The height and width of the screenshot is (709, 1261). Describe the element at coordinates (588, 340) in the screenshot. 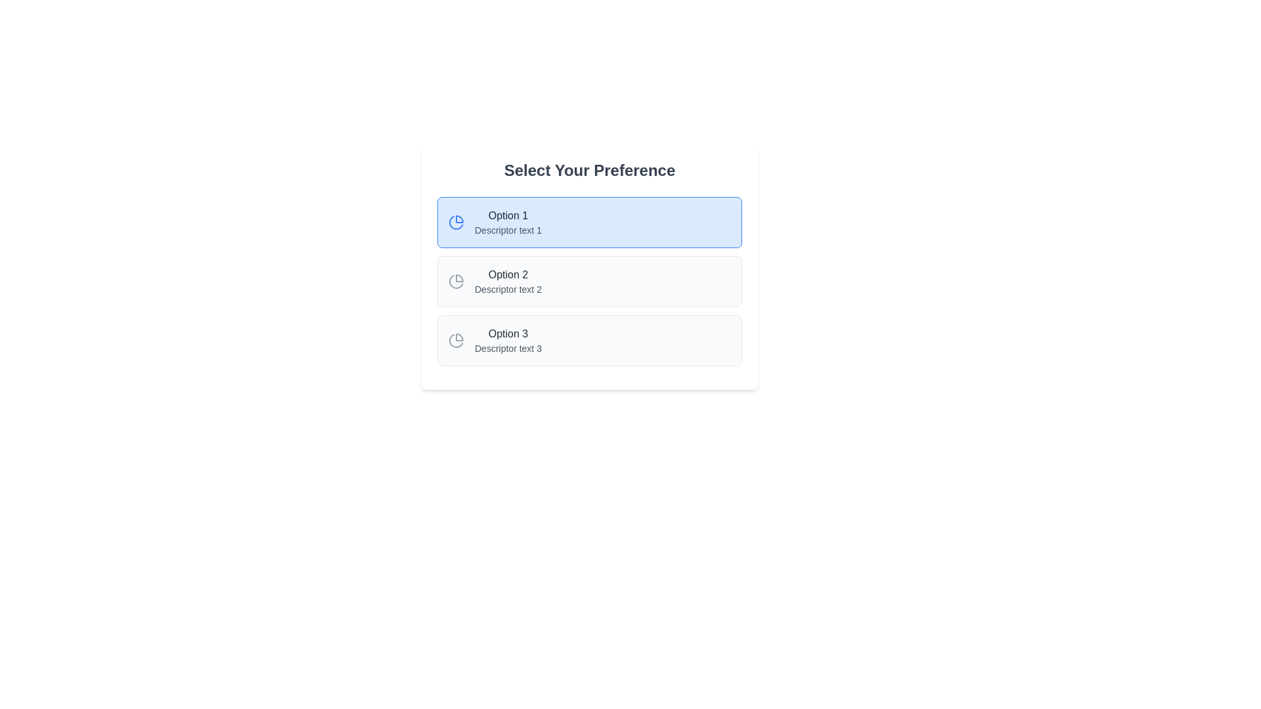

I see `the 'Option 3' radio button` at that location.